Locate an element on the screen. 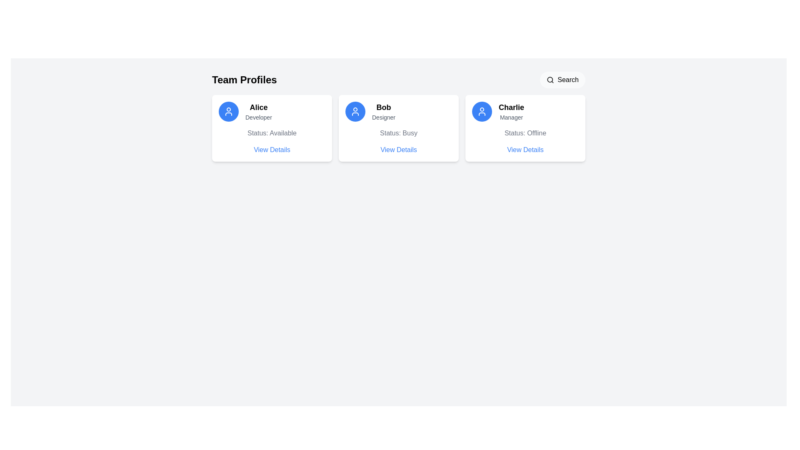 The width and height of the screenshot is (800, 450). text label indicating the occupation or role title of 'Alice', which is positioned directly below the header text 'Alice' in the profile card is located at coordinates (258, 117).